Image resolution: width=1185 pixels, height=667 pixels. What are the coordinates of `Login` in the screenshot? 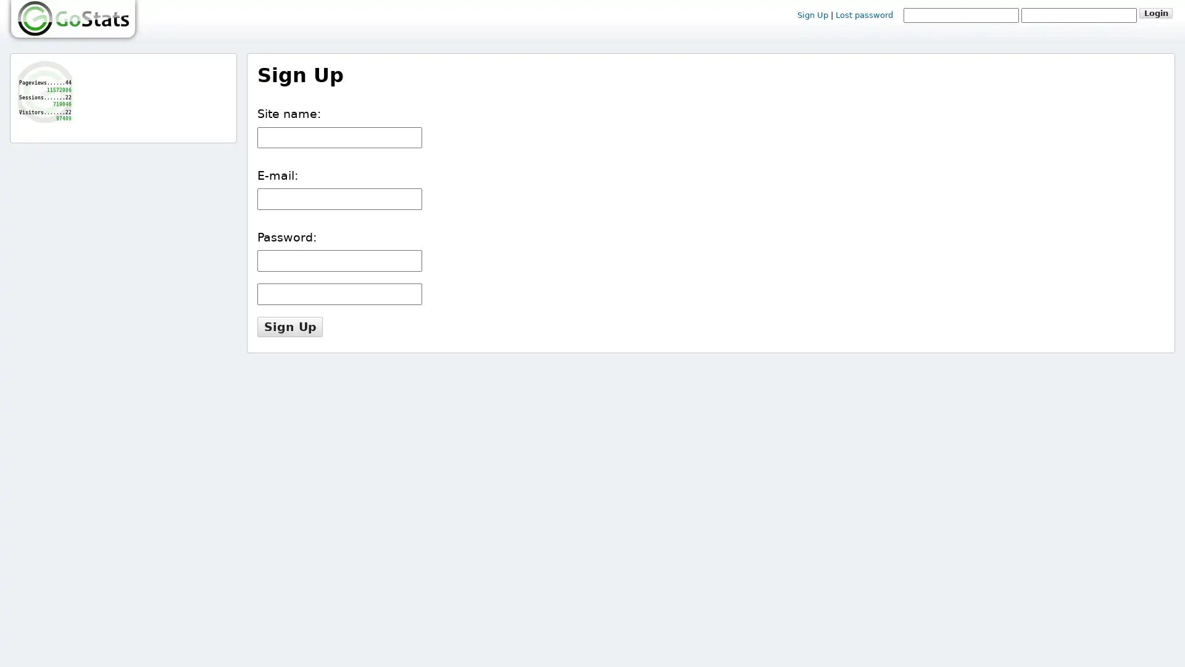 It's located at (1155, 13).